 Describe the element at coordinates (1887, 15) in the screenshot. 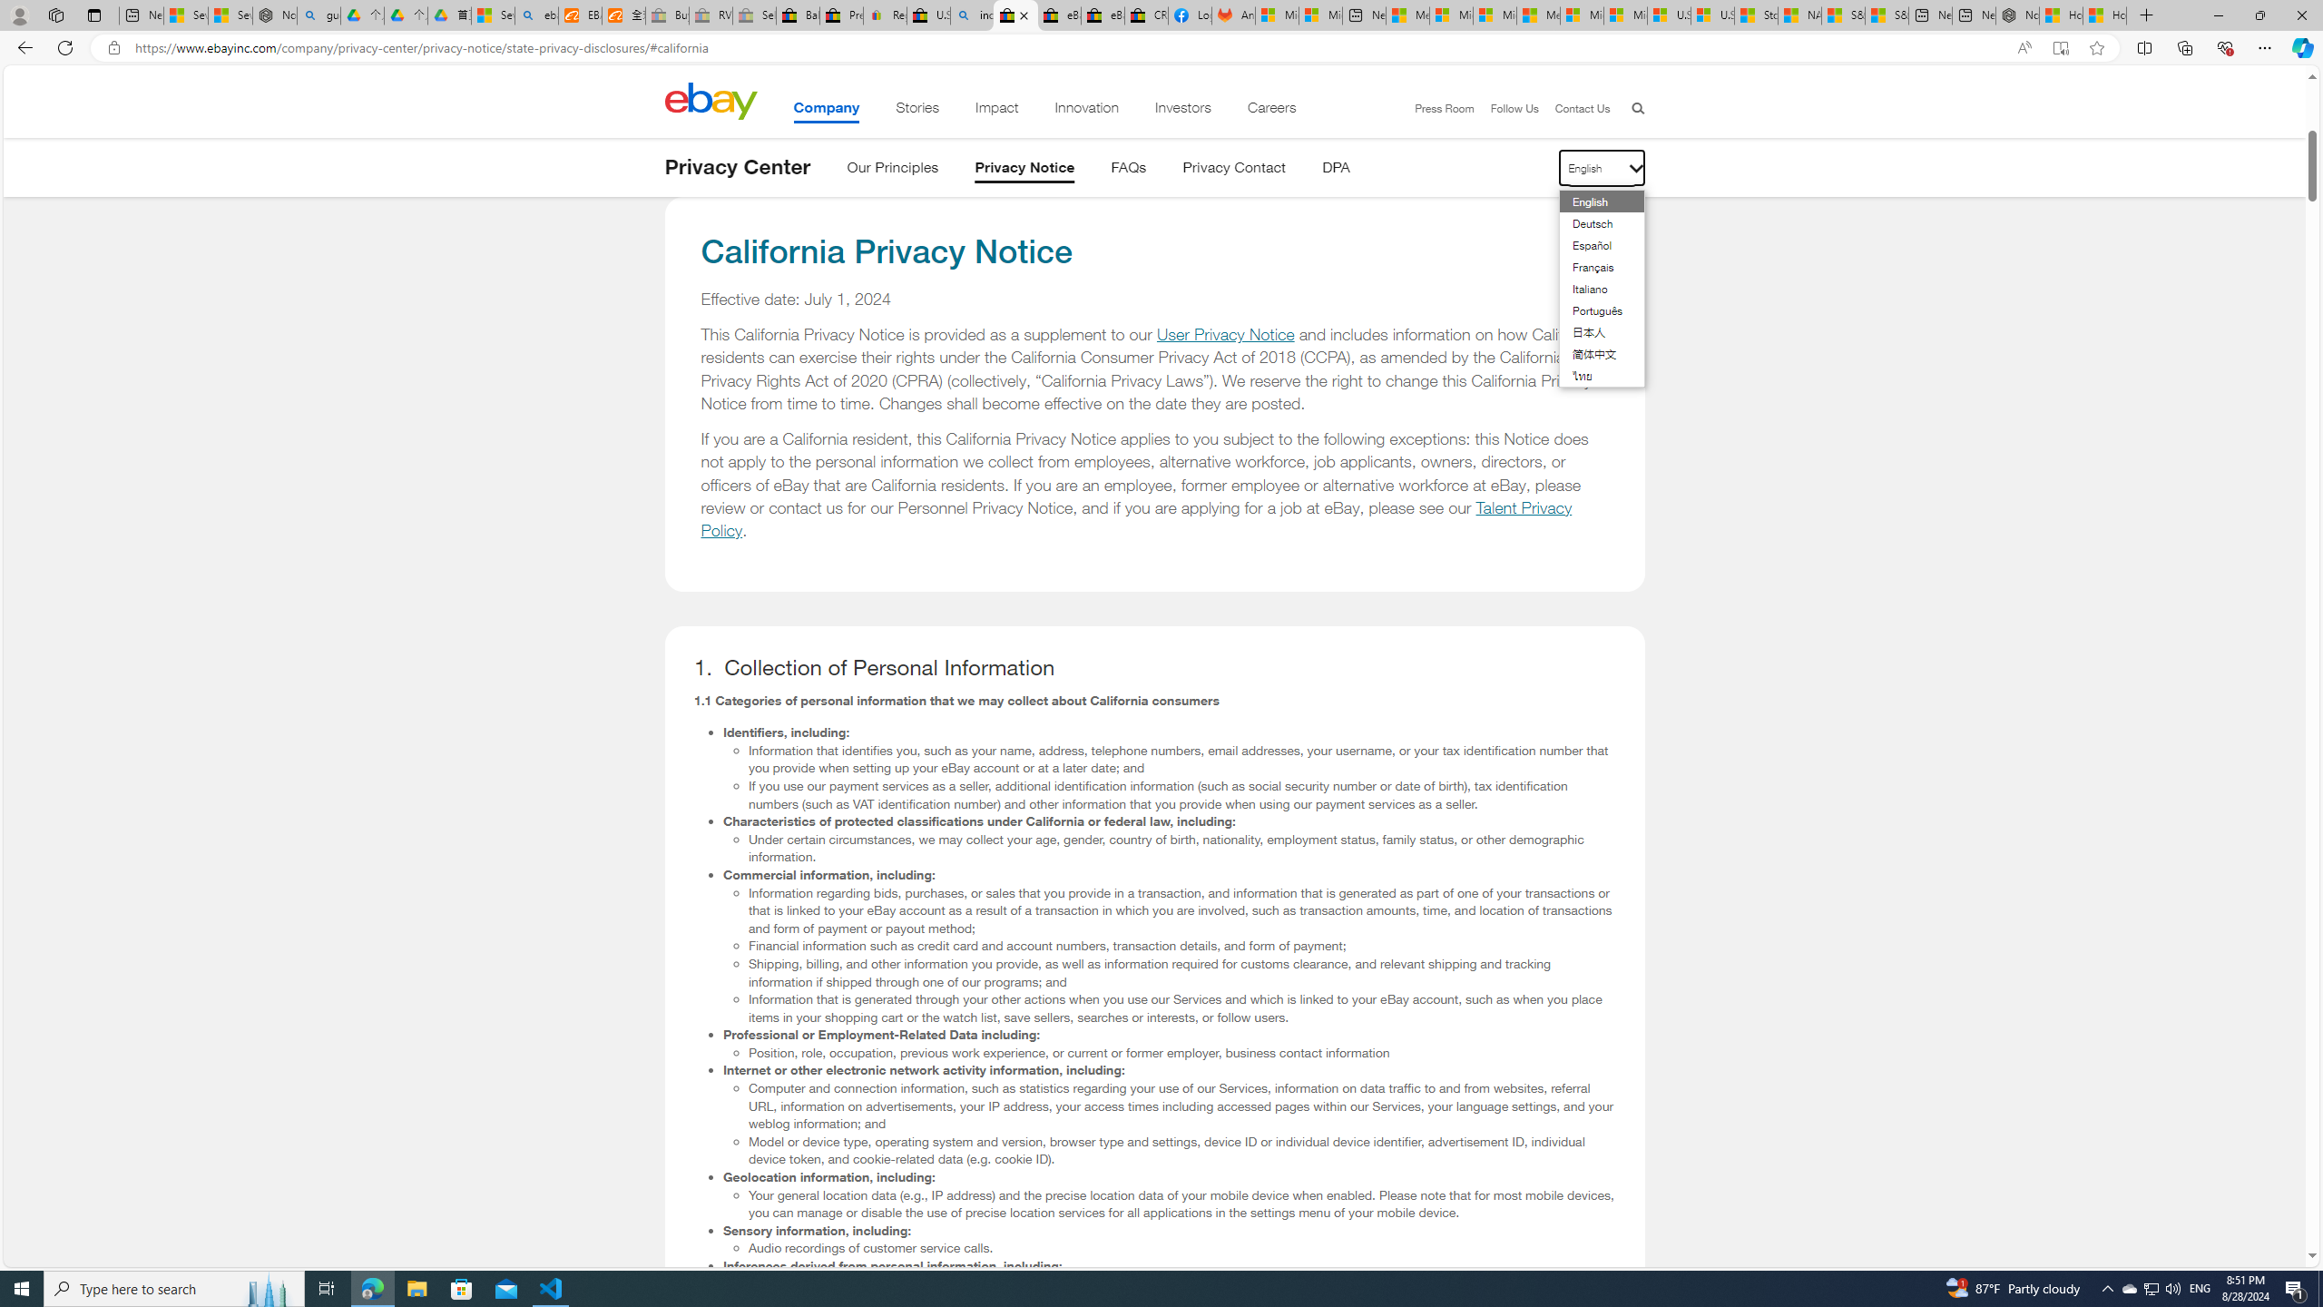

I see `'S&P 500, Nasdaq end lower, weighed by Nvidia dip | Watch'` at that location.